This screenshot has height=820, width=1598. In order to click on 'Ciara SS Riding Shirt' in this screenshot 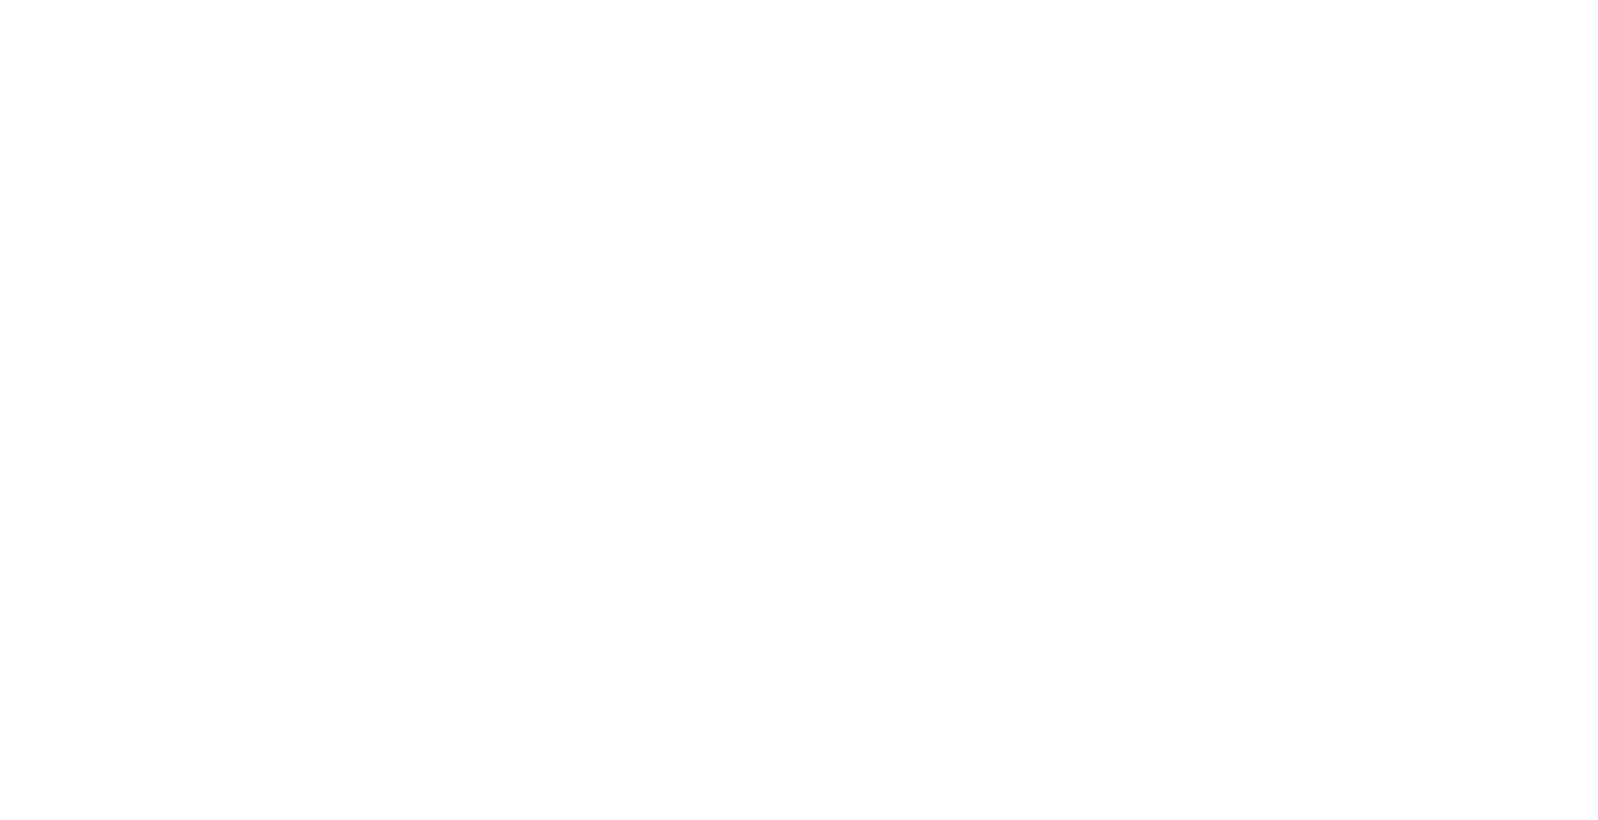, I will do `click(964, 321)`.